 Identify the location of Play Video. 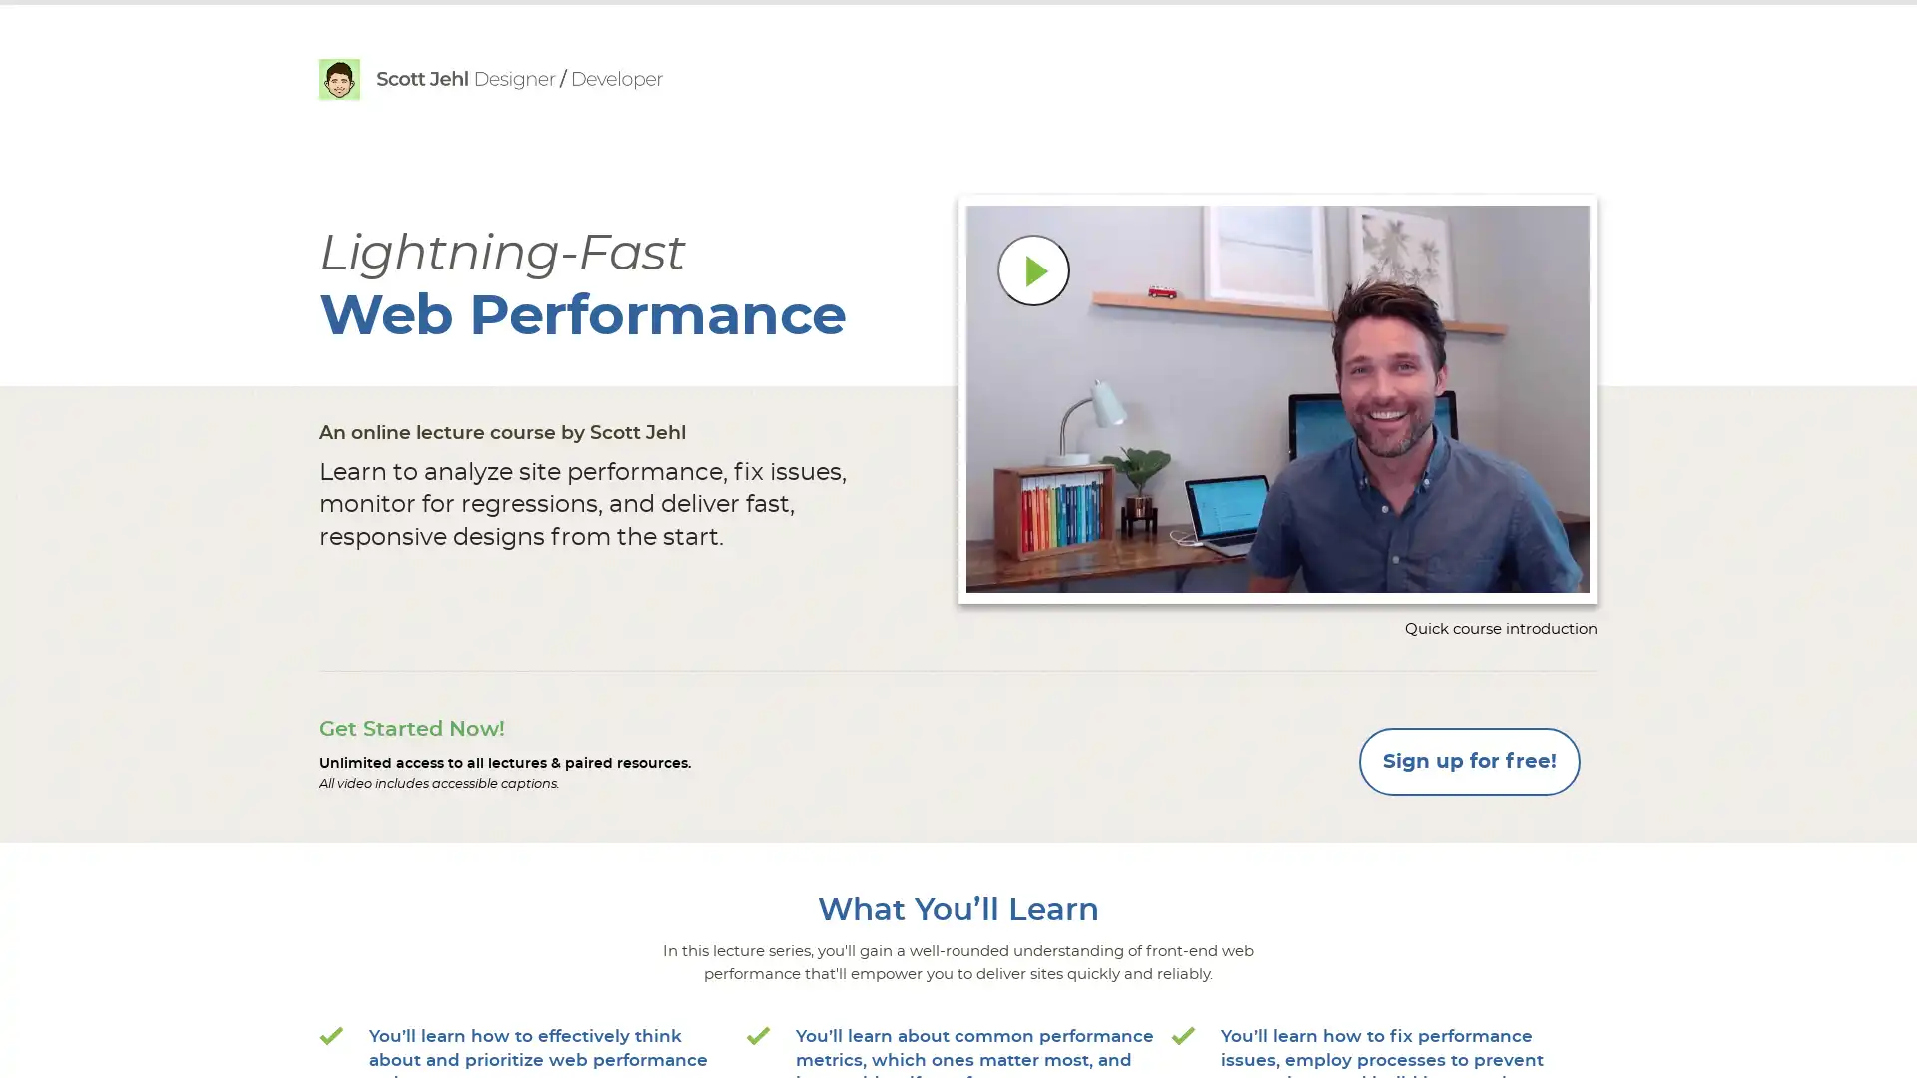
(1033, 269).